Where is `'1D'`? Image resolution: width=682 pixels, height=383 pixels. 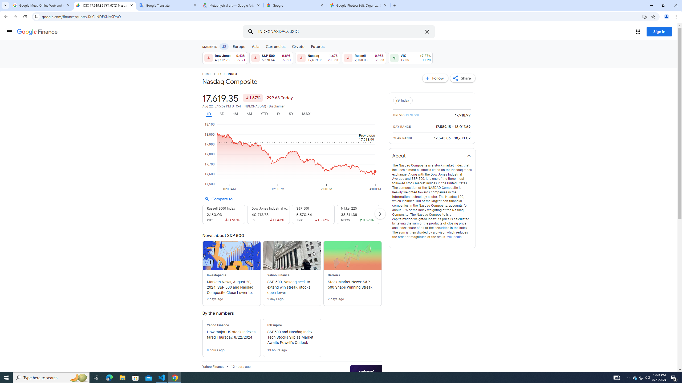 '1D' is located at coordinates (208, 114).